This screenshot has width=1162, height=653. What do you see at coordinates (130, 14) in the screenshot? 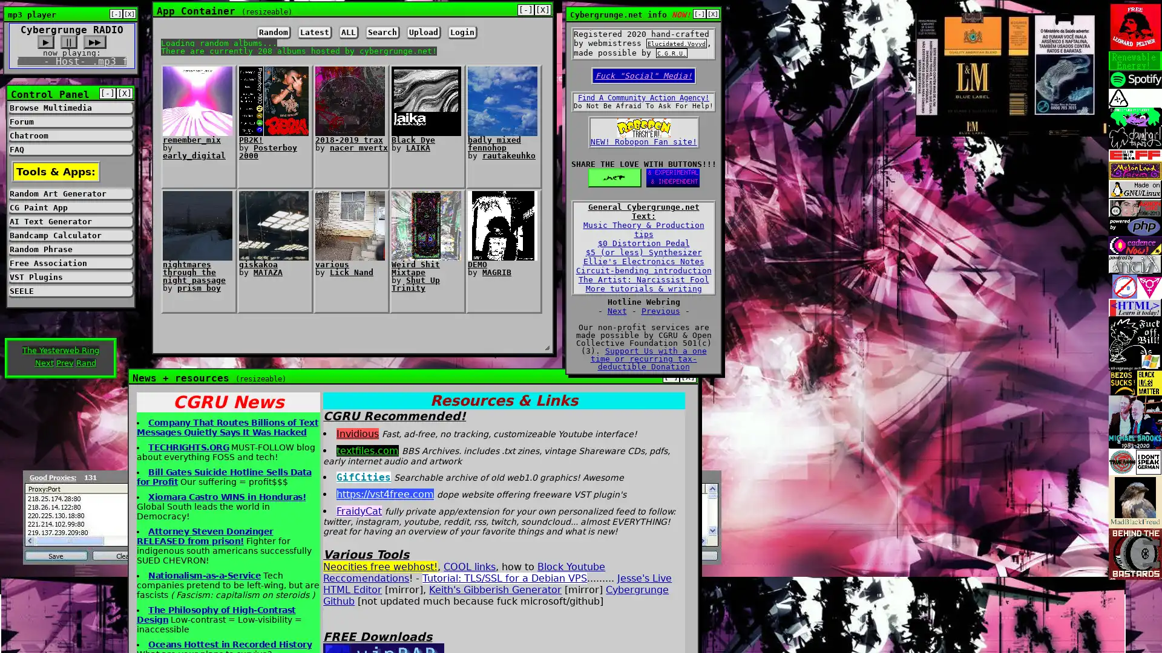
I see `[X]` at bounding box center [130, 14].